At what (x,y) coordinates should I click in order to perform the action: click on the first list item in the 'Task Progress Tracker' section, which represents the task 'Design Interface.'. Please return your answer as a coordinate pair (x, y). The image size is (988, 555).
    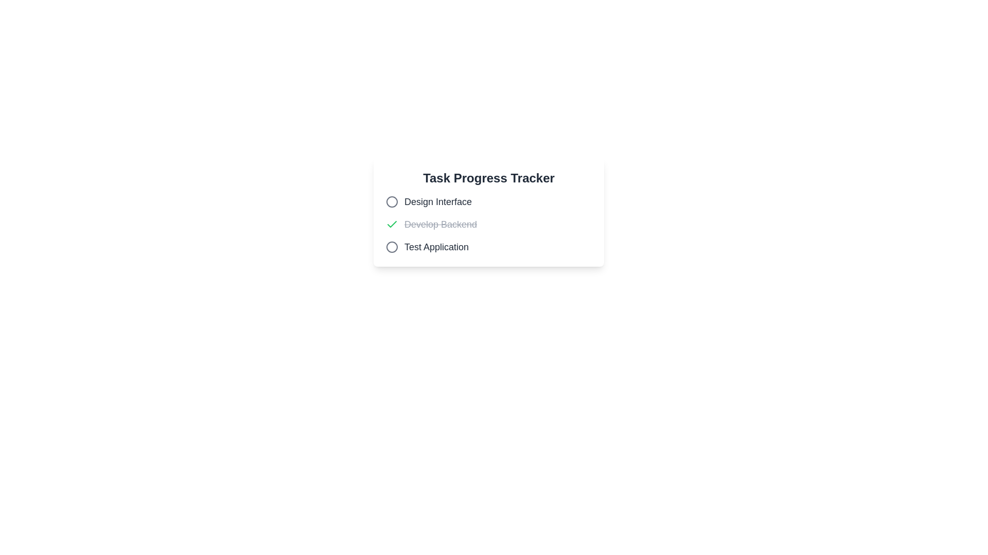
    Looking at the image, I should click on (488, 202).